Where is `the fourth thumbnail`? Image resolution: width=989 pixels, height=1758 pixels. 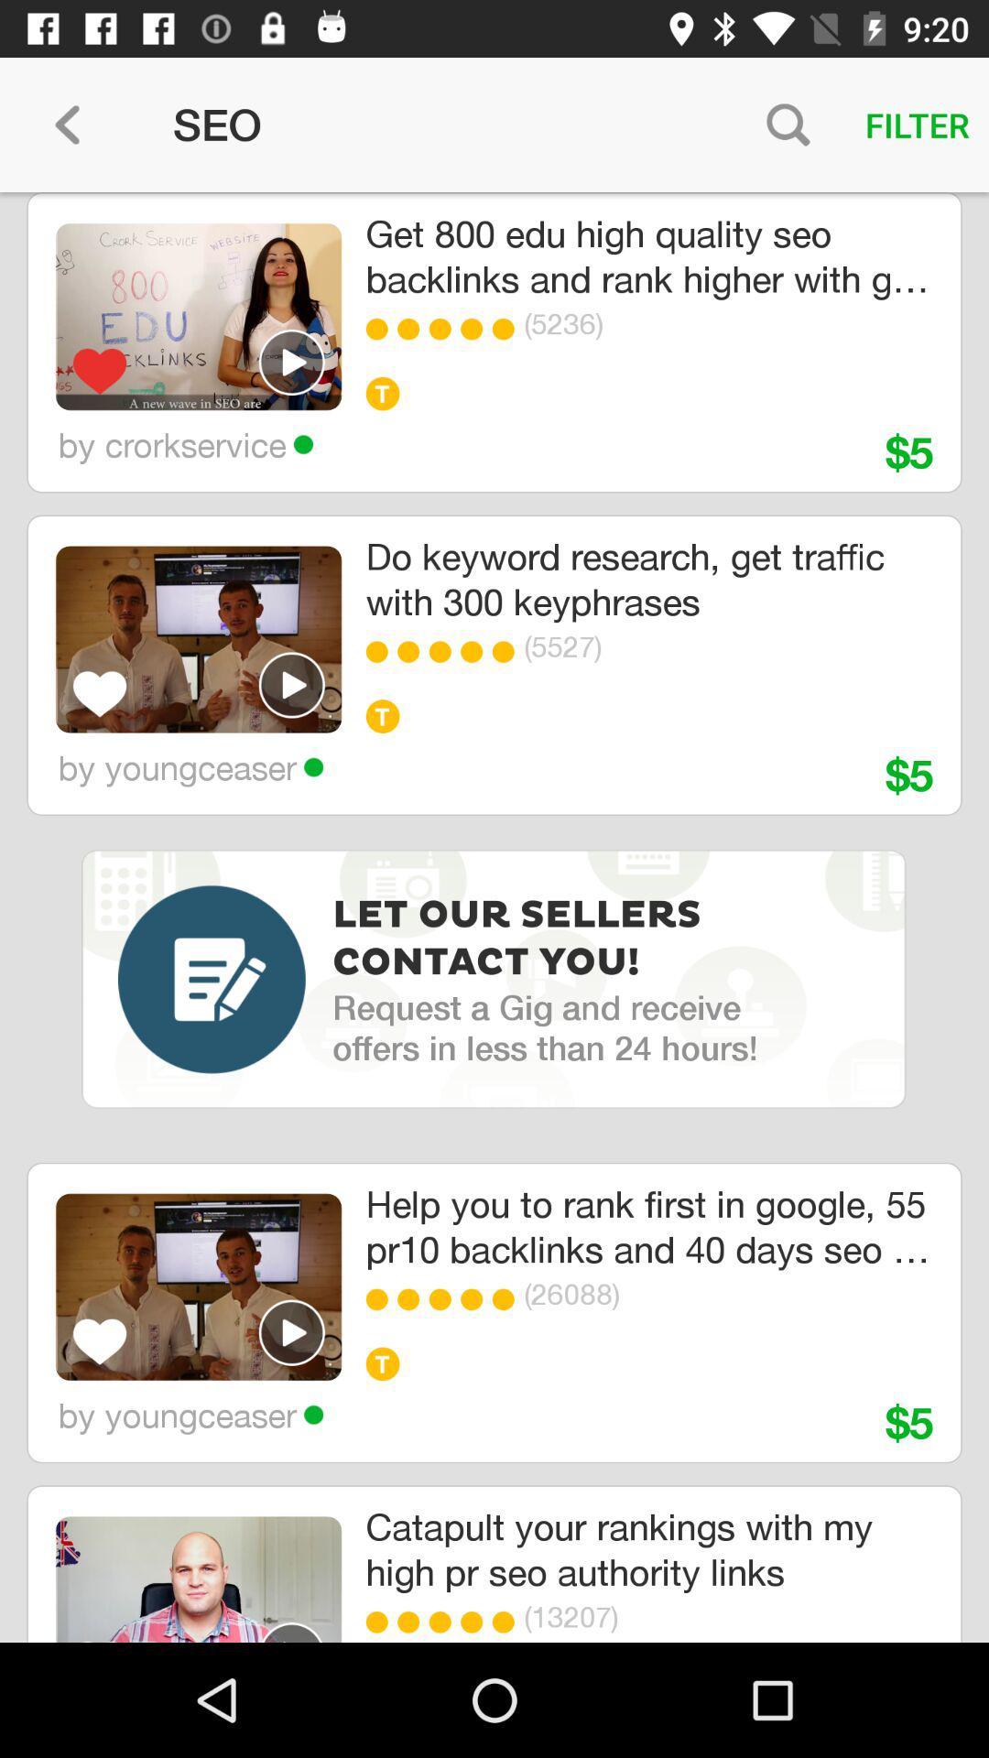
the fourth thumbnail is located at coordinates (199, 1578).